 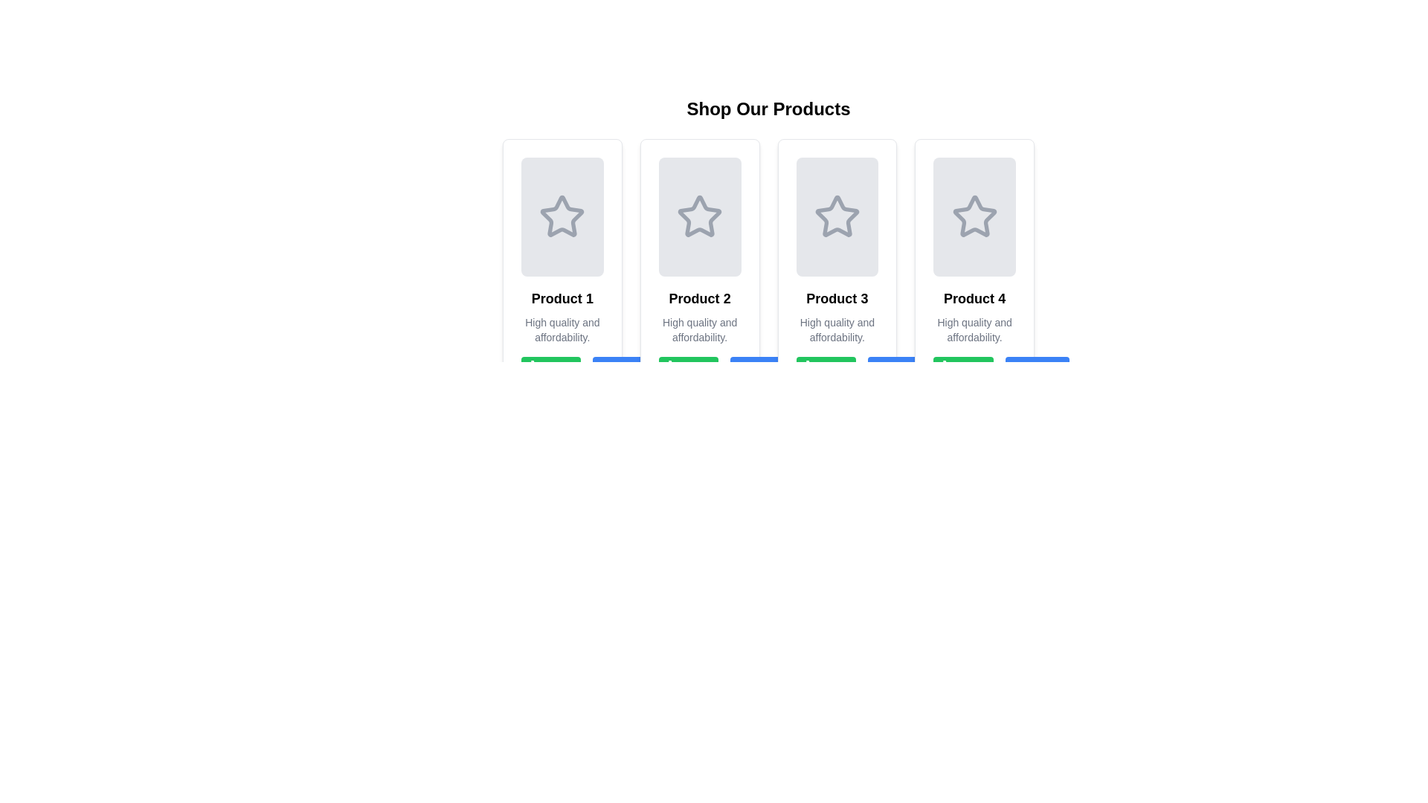 What do you see at coordinates (762, 368) in the screenshot?
I see `the 'View' button` at bounding box center [762, 368].